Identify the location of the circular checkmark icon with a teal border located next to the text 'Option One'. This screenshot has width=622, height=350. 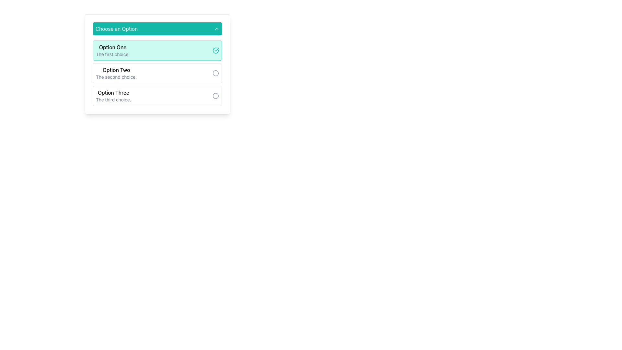
(216, 50).